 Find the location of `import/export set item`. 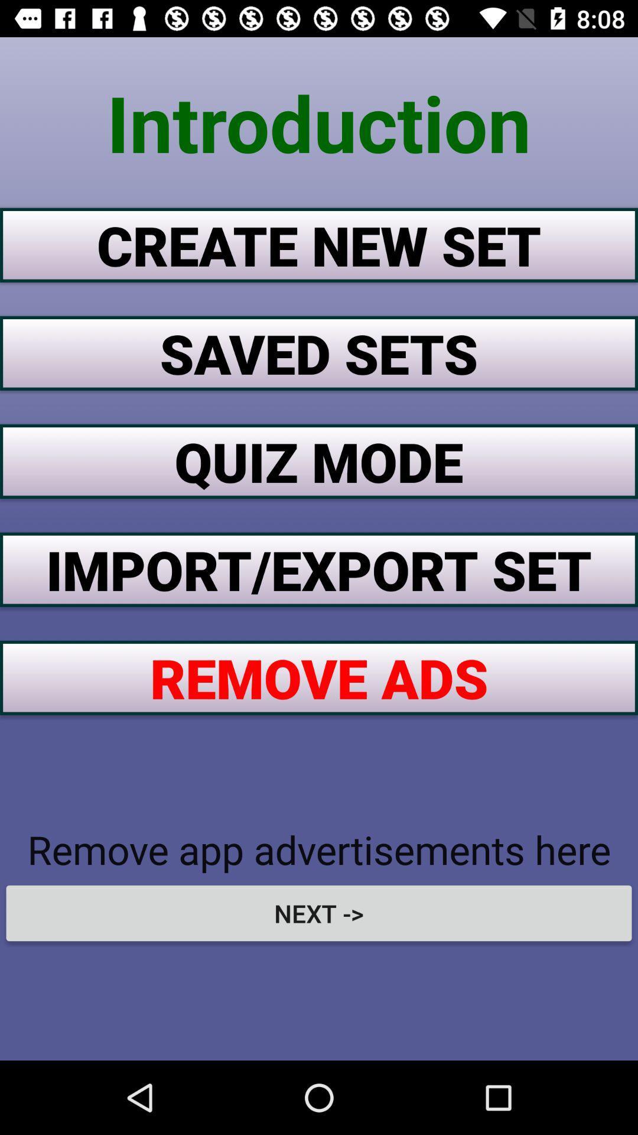

import/export set item is located at coordinates (319, 569).